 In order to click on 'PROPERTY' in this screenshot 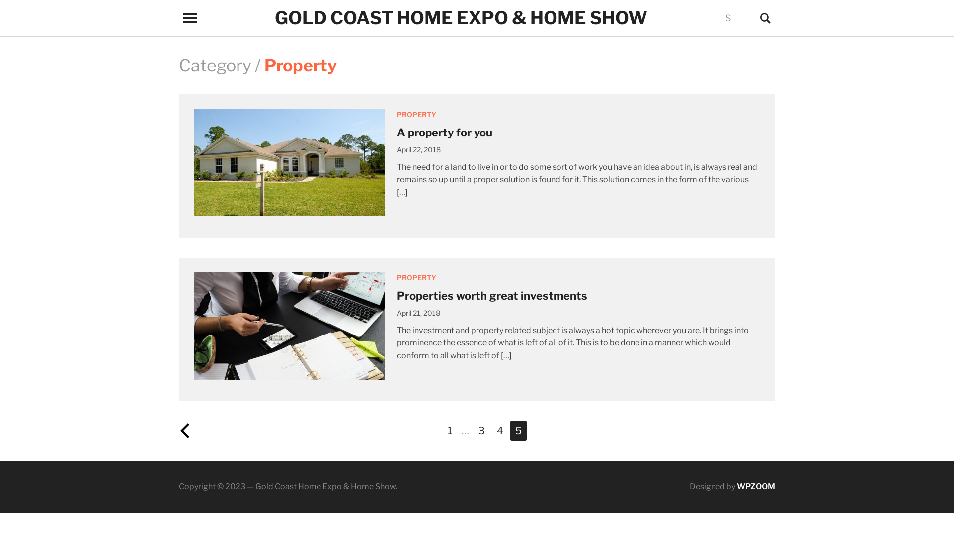, I will do `click(416, 114)`.